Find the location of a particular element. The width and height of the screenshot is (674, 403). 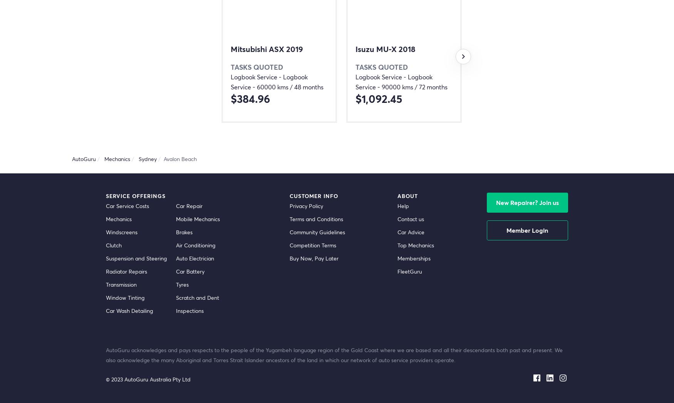

'Radiator Repairs' is located at coordinates (126, 271).